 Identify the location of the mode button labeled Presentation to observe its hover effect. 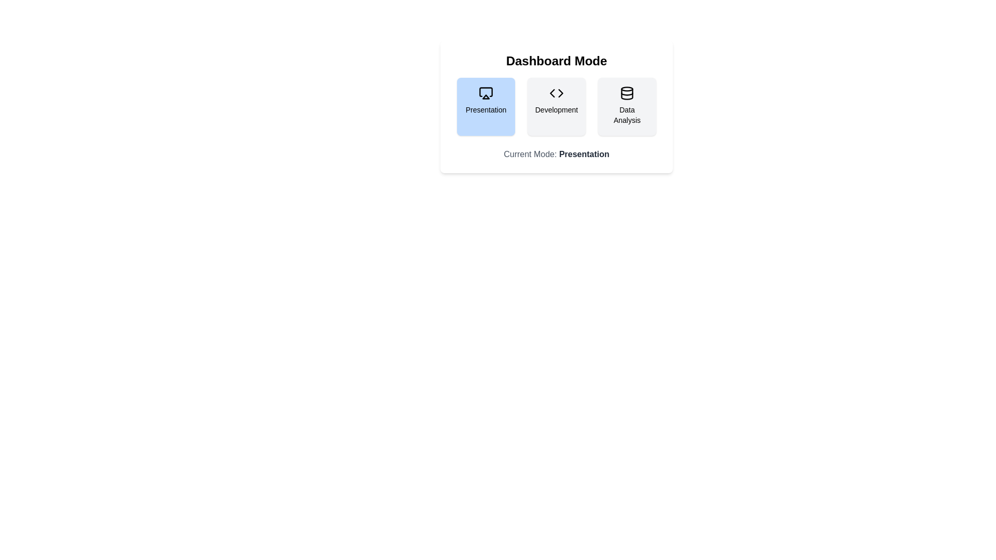
(485, 106).